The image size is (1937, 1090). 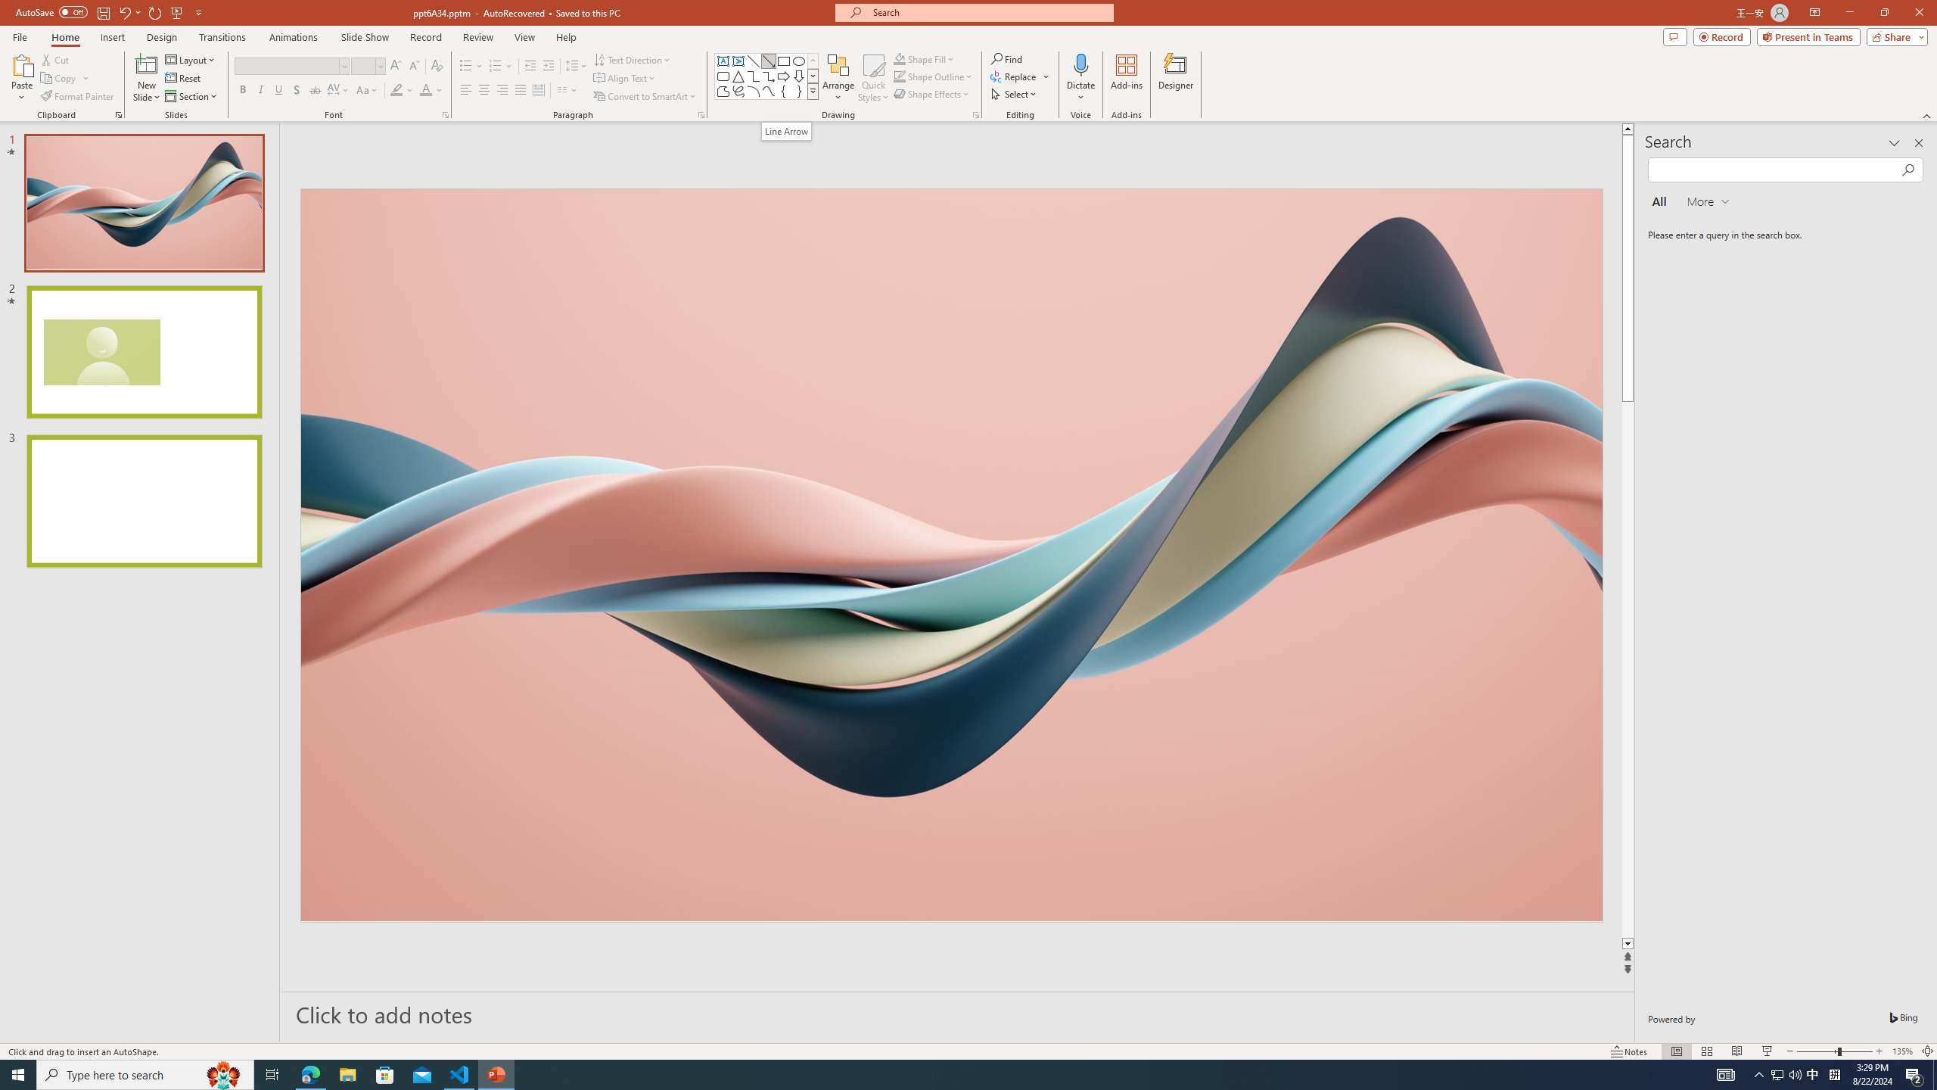 What do you see at coordinates (1893, 142) in the screenshot?
I see `'Task Pane Options'` at bounding box center [1893, 142].